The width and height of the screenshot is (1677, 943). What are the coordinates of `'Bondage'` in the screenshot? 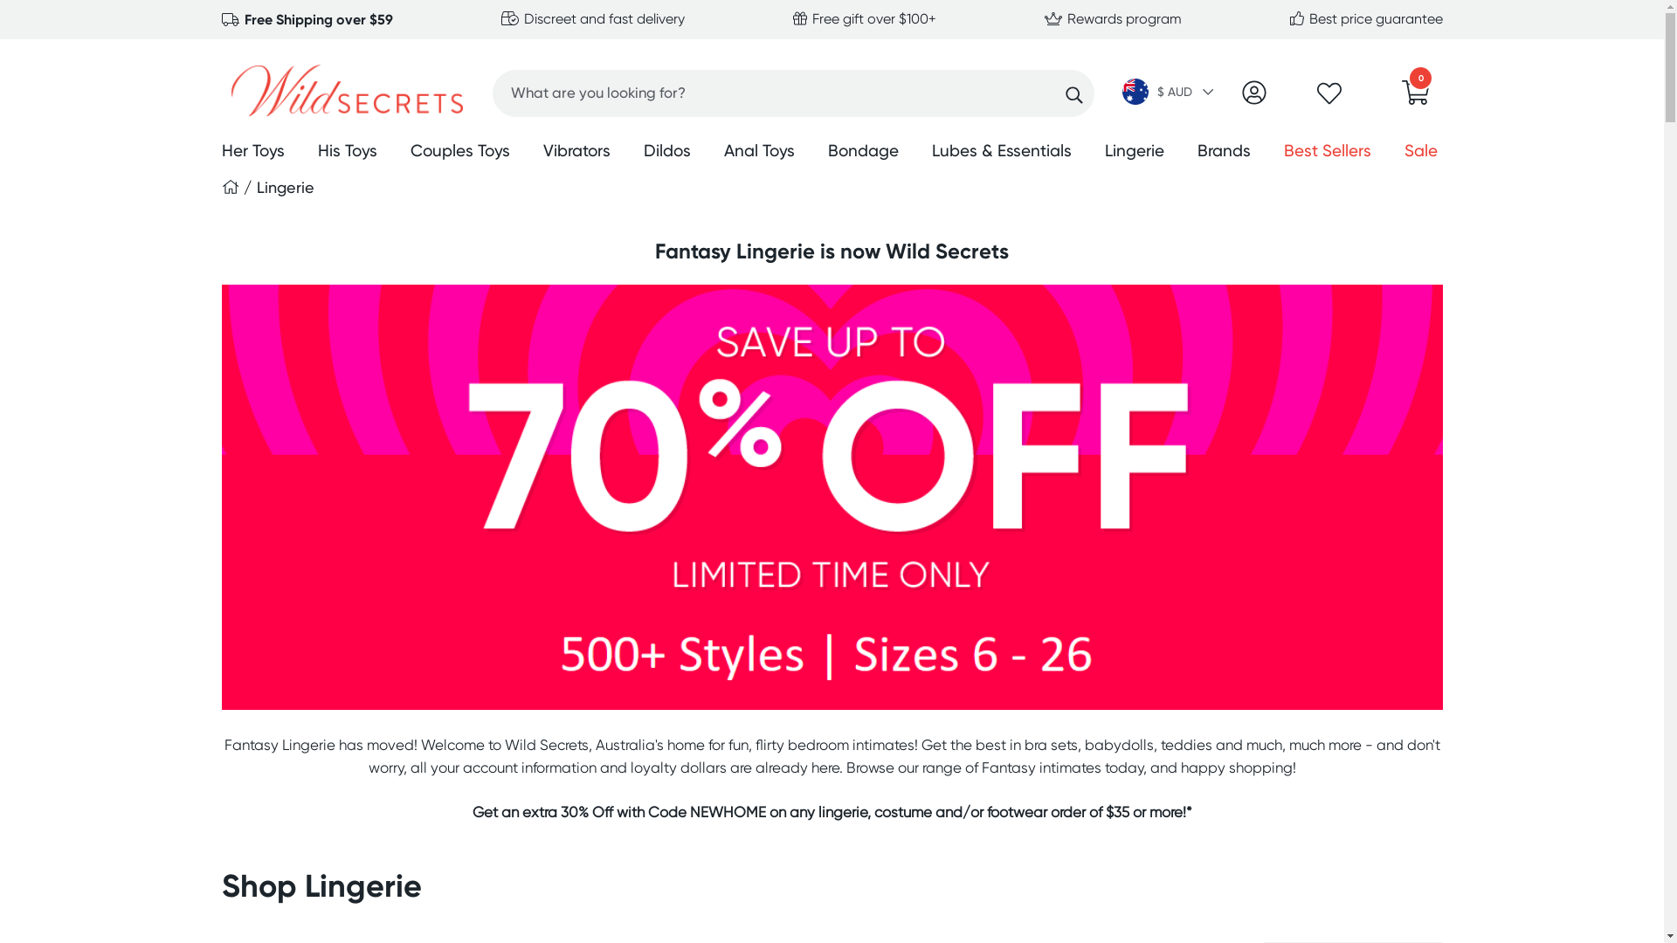 It's located at (827, 151).